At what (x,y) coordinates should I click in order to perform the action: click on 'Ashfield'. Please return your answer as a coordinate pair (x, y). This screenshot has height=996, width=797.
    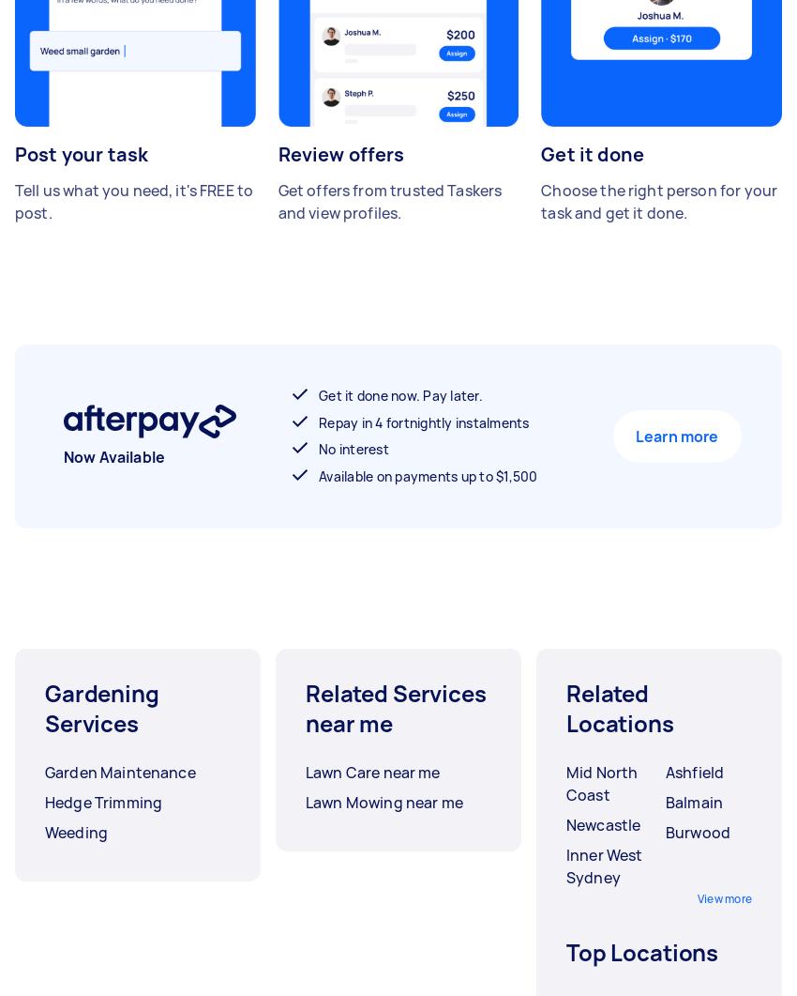
    Looking at the image, I should click on (695, 773).